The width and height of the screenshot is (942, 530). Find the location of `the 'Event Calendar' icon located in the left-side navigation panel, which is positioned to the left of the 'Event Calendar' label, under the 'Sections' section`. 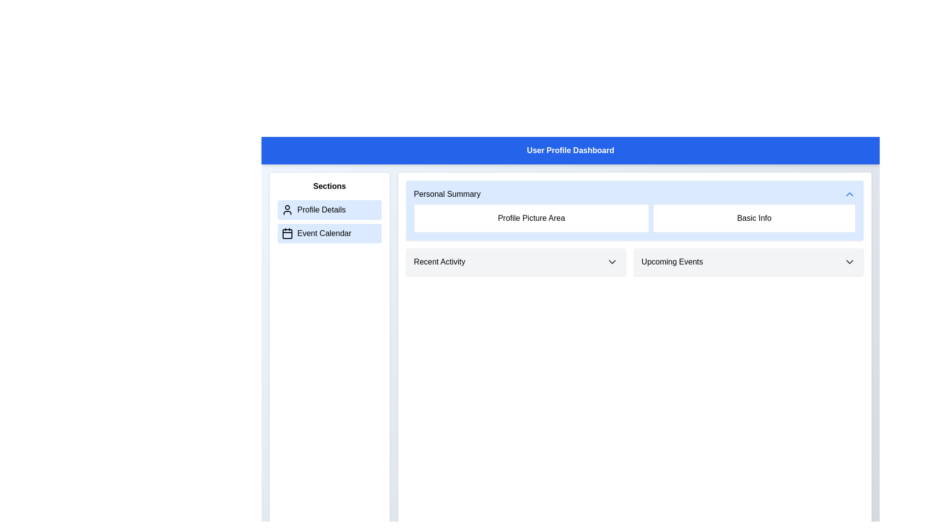

the 'Event Calendar' icon located in the left-side navigation panel, which is positioned to the left of the 'Event Calendar' label, under the 'Sections' section is located at coordinates (287, 233).